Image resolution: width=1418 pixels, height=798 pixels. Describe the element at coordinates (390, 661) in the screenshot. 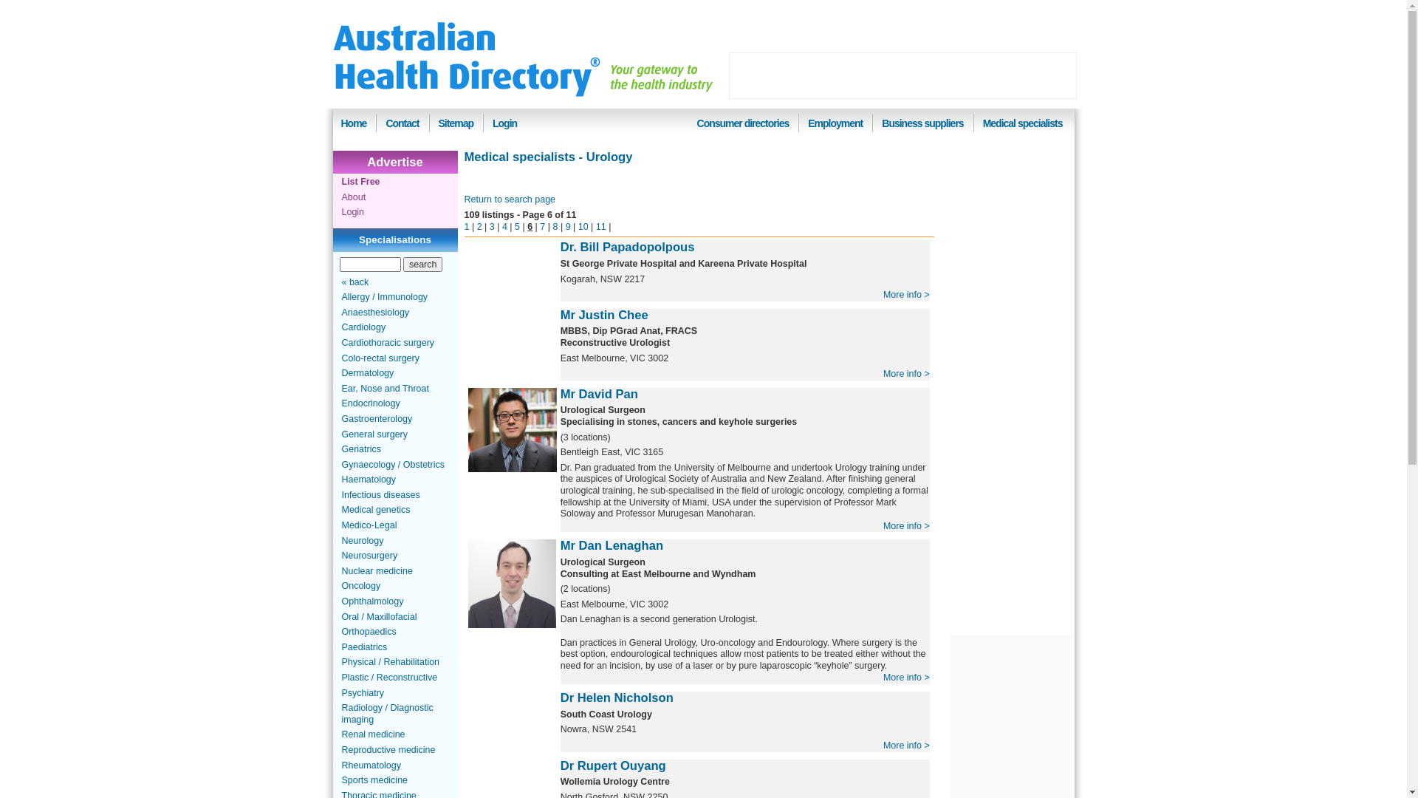

I see `'Physical / Rehabilitation'` at that location.